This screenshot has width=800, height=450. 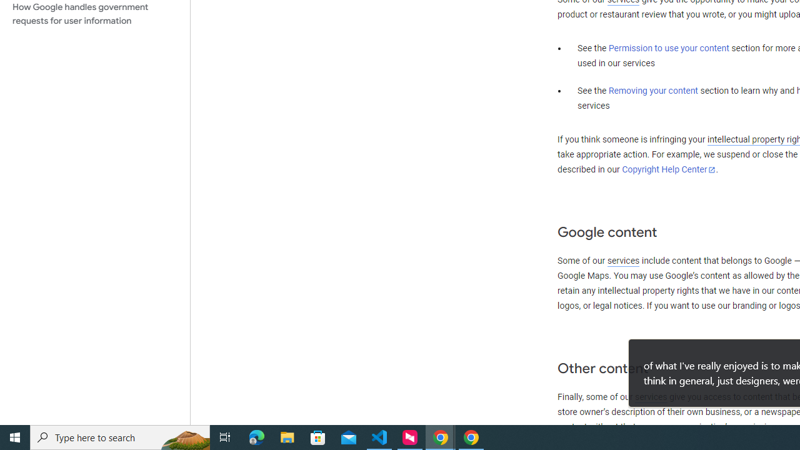 What do you see at coordinates (650, 397) in the screenshot?
I see `'services'` at bounding box center [650, 397].